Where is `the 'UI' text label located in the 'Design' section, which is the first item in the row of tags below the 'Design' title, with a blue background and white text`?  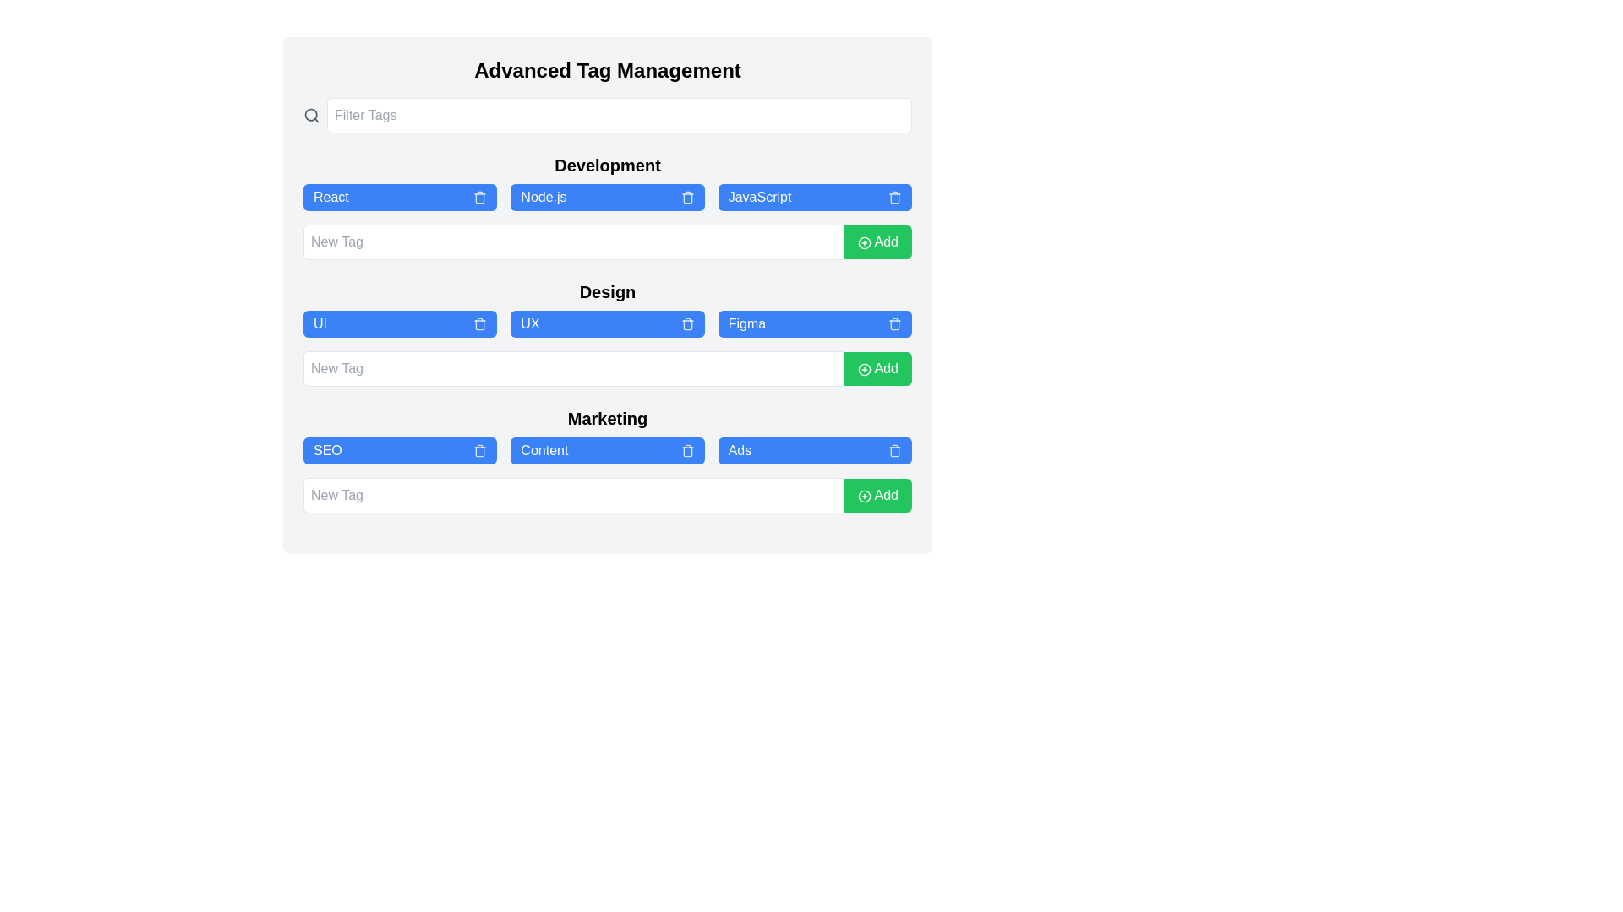 the 'UI' text label located in the 'Design' section, which is the first item in the row of tags below the 'Design' title, with a blue background and white text is located at coordinates (320, 324).